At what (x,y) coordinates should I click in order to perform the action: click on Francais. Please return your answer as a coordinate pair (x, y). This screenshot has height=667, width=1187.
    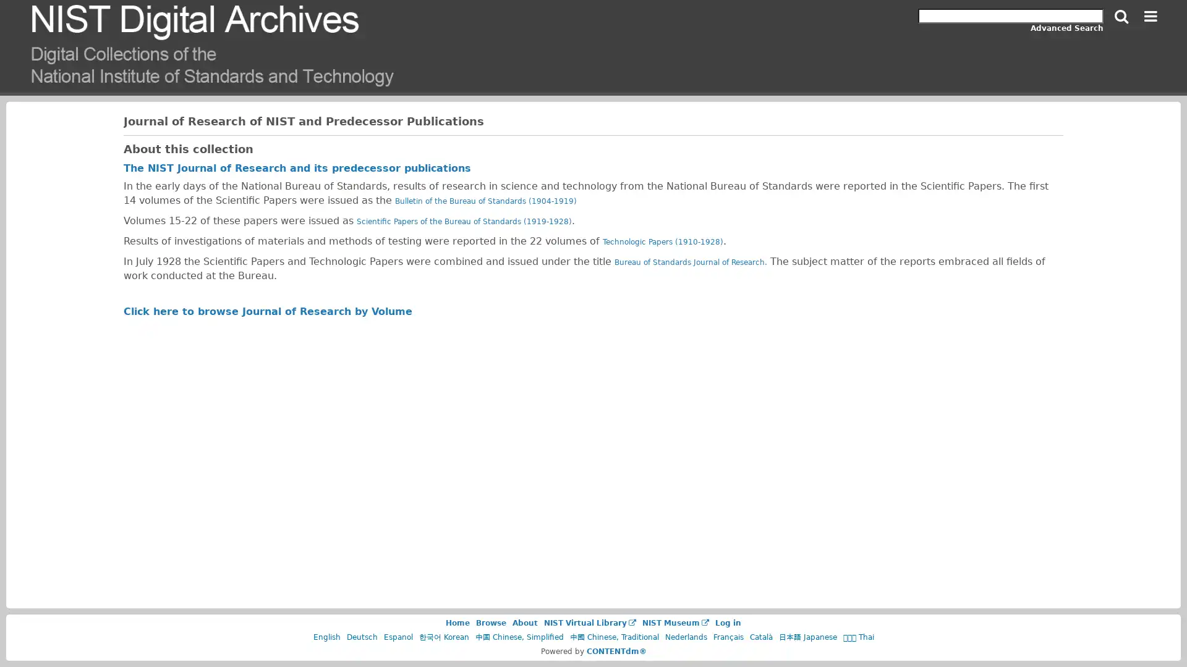
    Looking at the image, I should click on (728, 637).